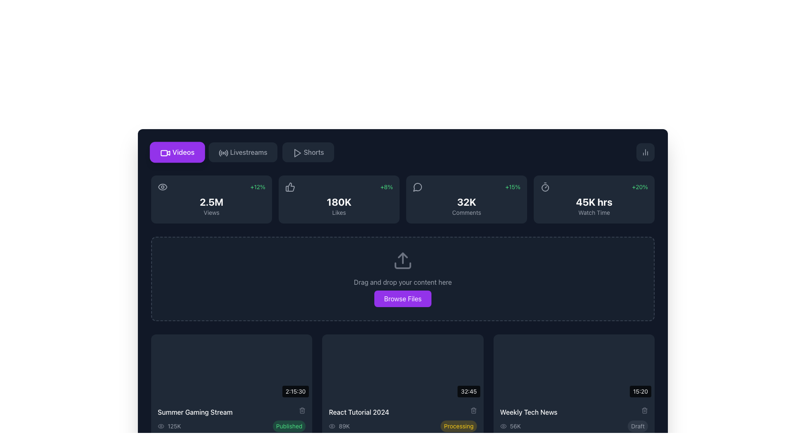  What do you see at coordinates (458, 426) in the screenshot?
I see `the Status badge indicating 'Processing' state at the bottom of the 'React Tutorial 2024' entry card` at bounding box center [458, 426].